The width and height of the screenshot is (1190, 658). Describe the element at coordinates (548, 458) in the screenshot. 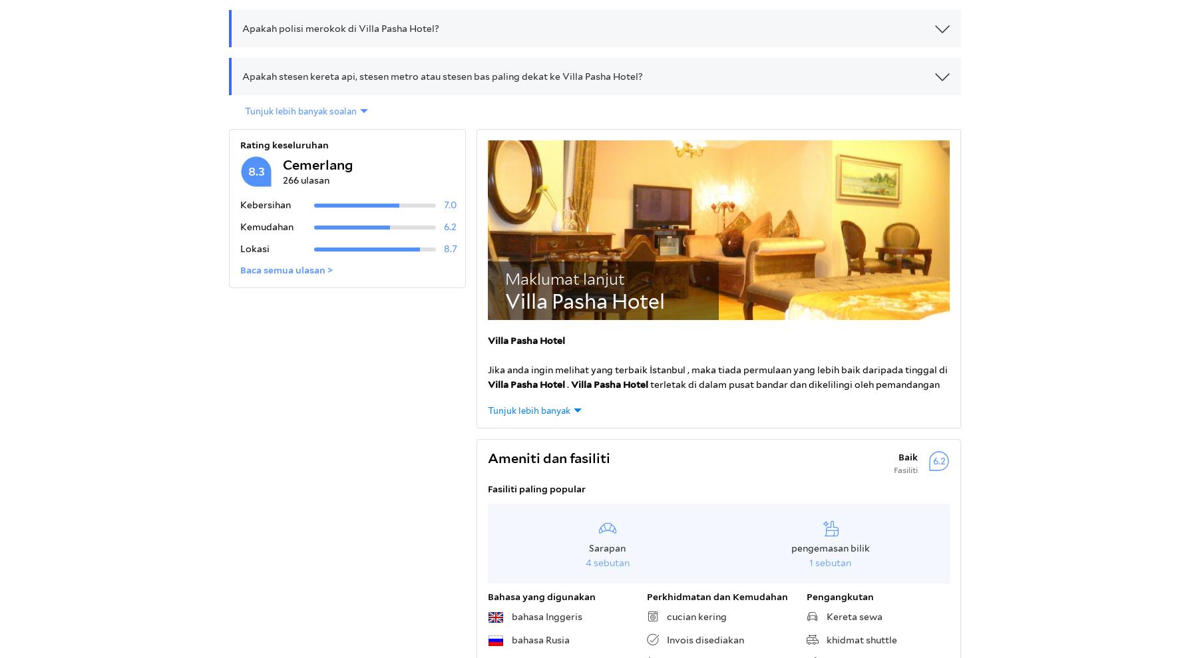

I see `'Ameniti dan fasiliti'` at that location.